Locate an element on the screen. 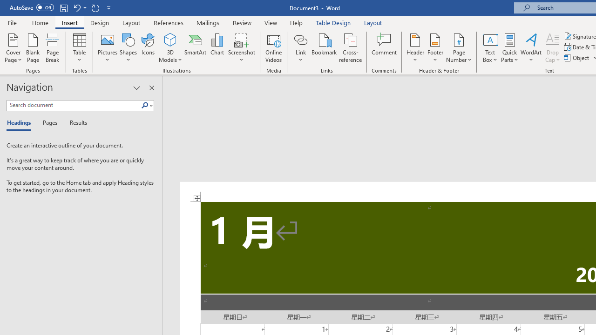 This screenshot has height=335, width=596. 'Repeat Doc Close' is located at coordinates (95, 7).